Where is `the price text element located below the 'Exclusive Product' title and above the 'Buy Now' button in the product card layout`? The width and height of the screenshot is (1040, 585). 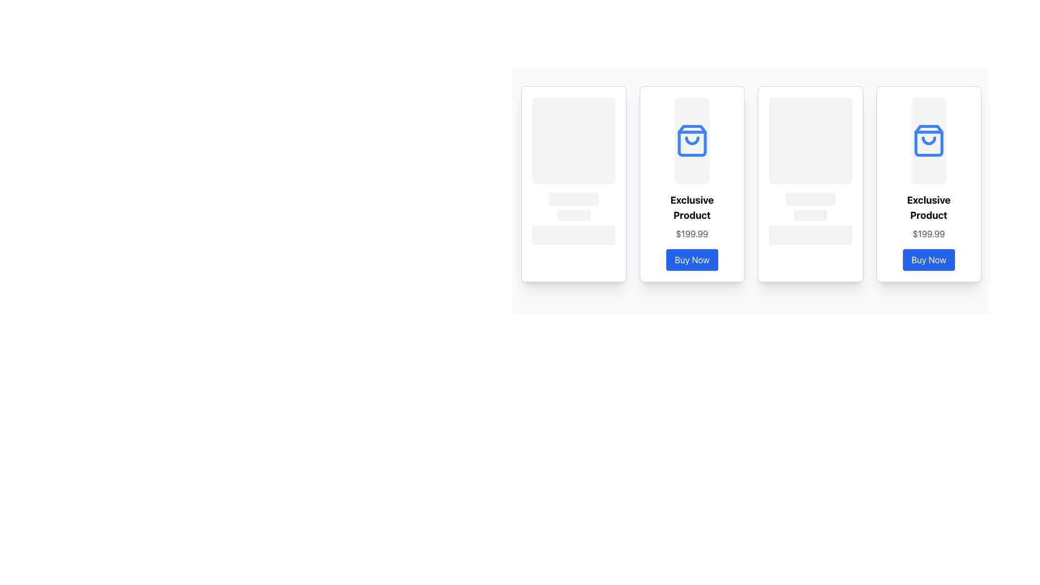 the price text element located below the 'Exclusive Product' title and above the 'Buy Now' button in the product card layout is located at coordinates (928, 233).